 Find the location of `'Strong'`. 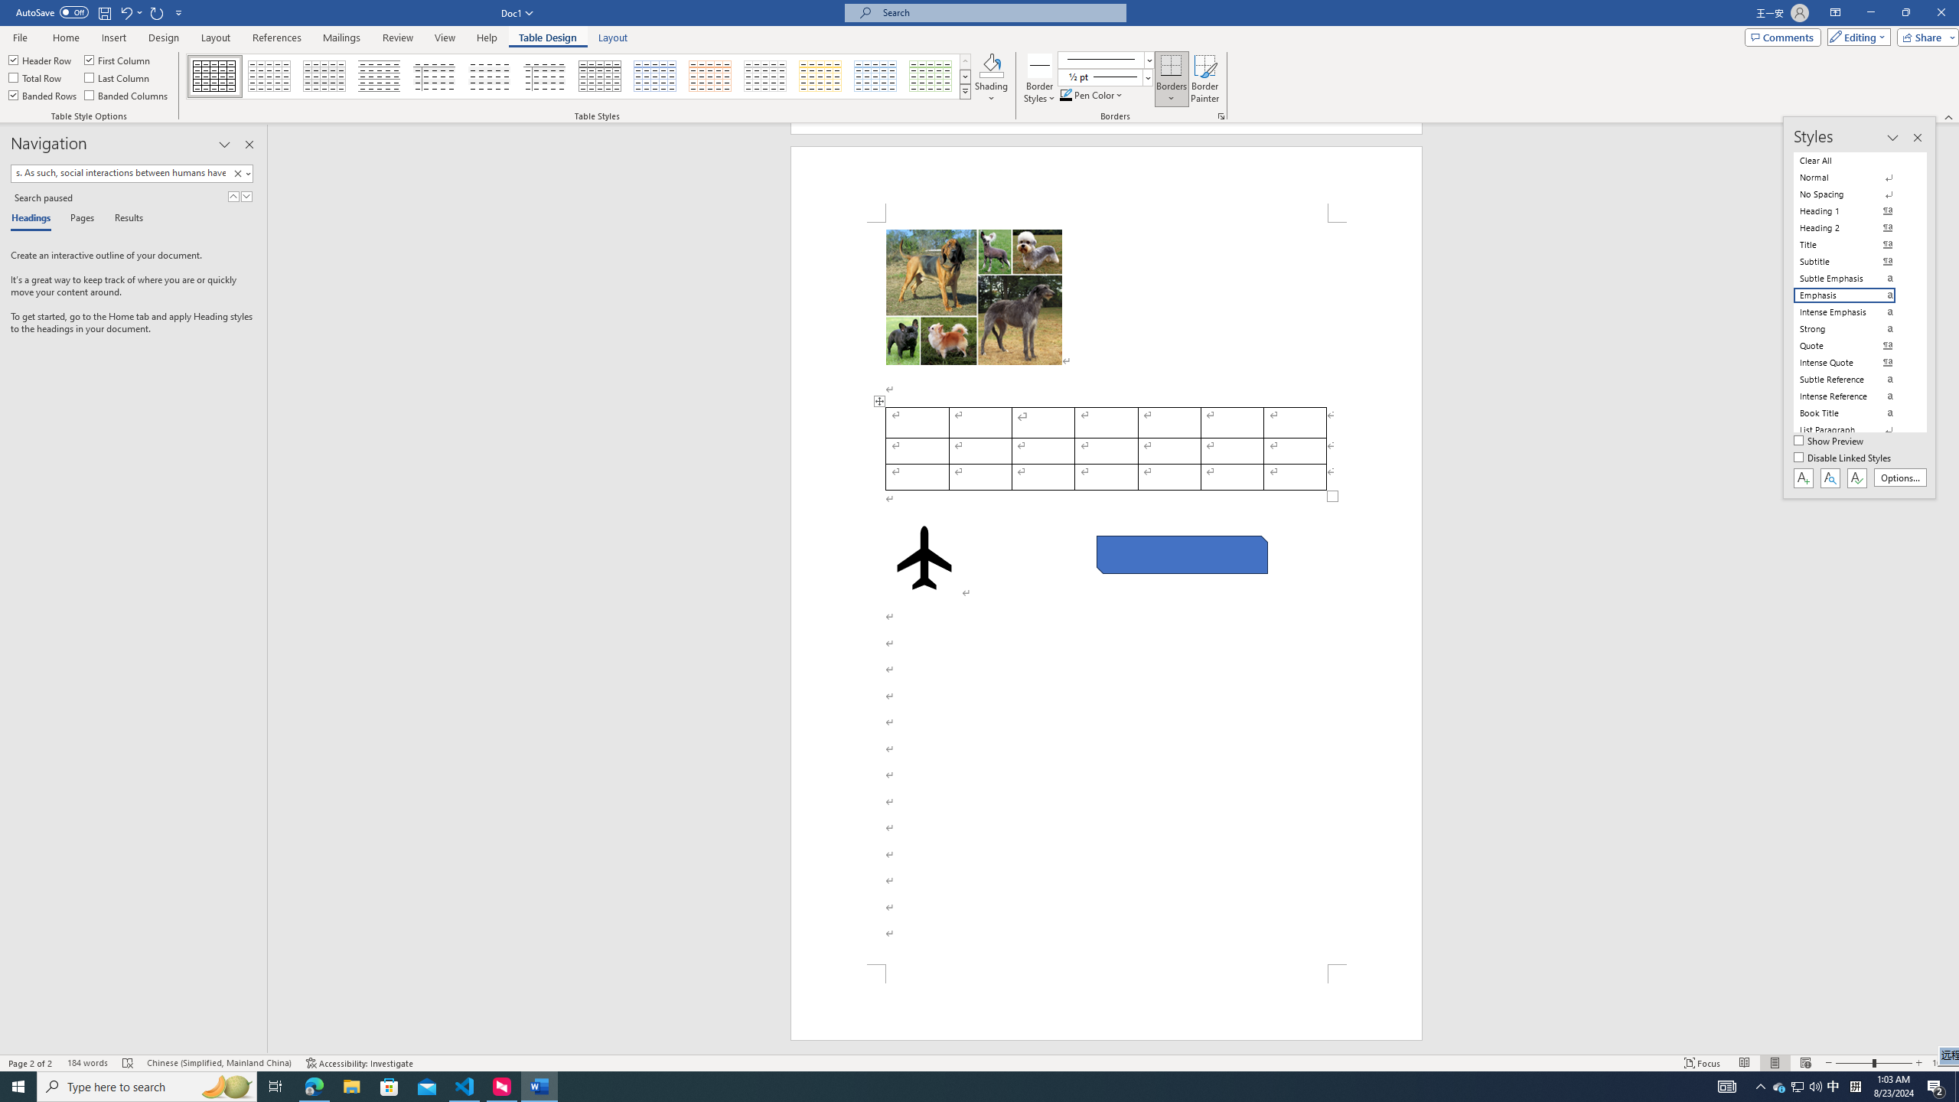

'Strong' is located at coordinates (1853, 328).